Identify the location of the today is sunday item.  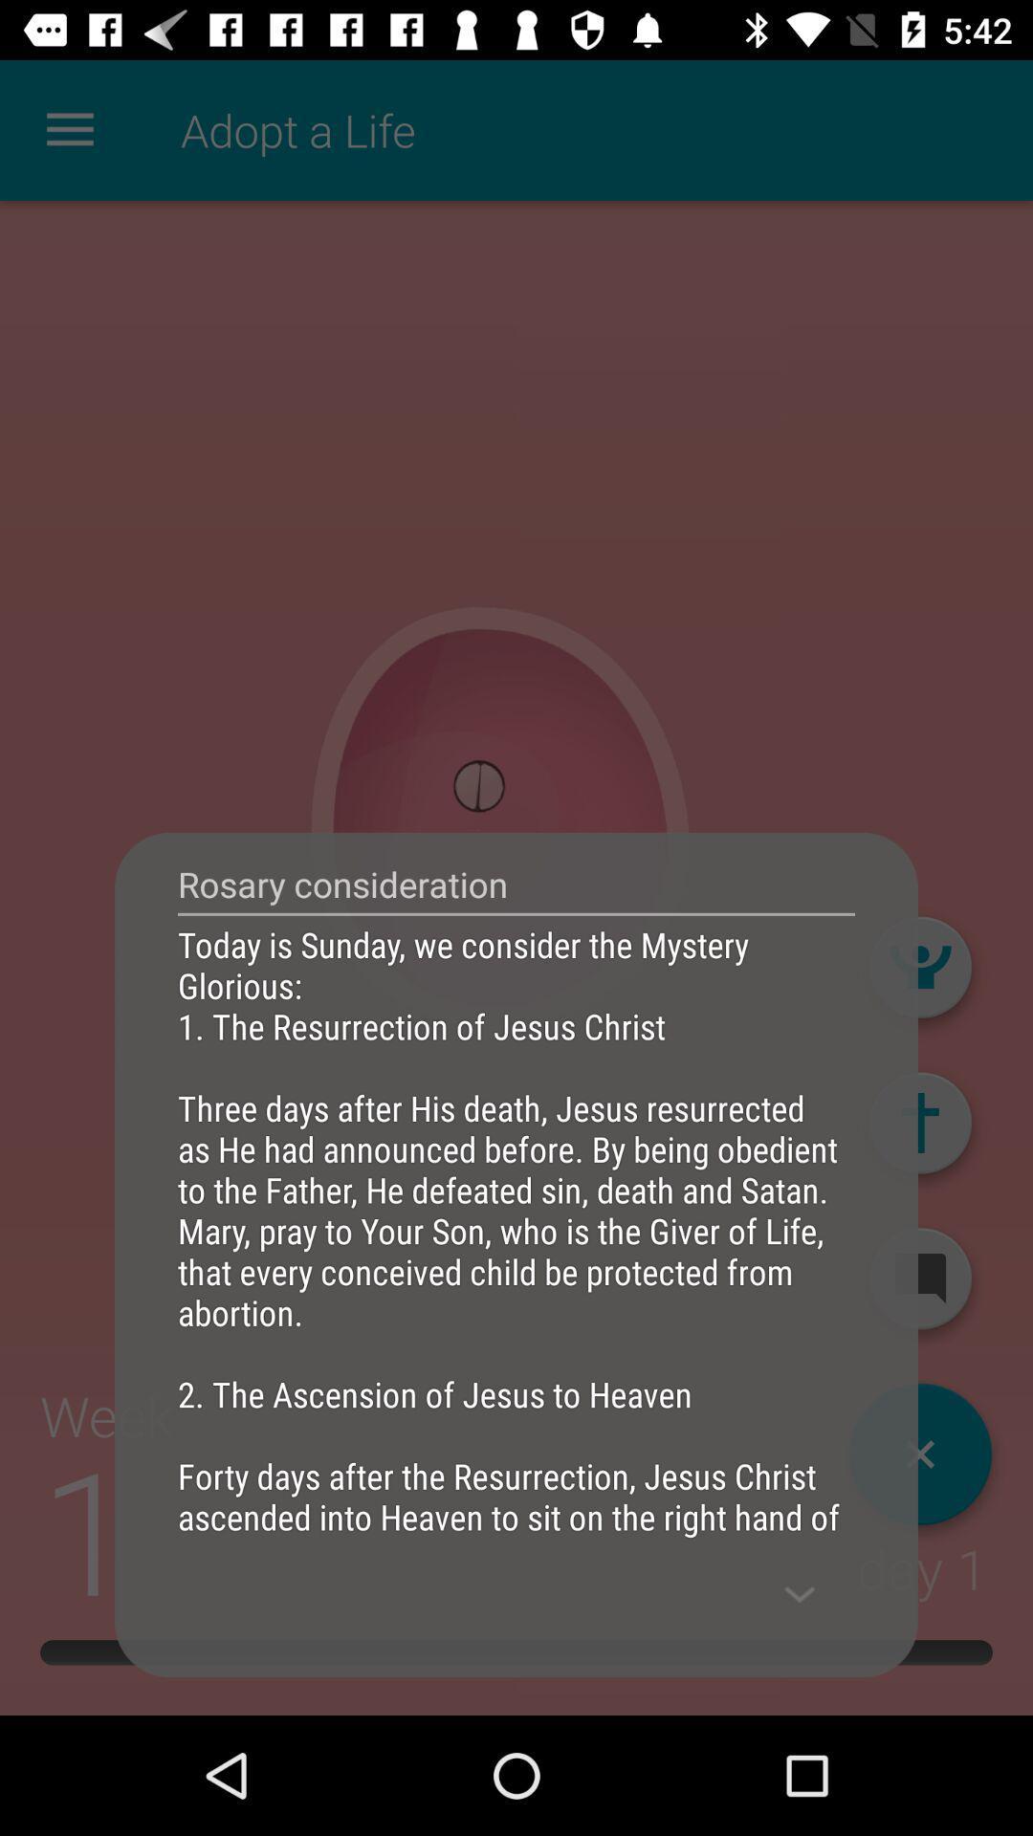
(516, 1230).